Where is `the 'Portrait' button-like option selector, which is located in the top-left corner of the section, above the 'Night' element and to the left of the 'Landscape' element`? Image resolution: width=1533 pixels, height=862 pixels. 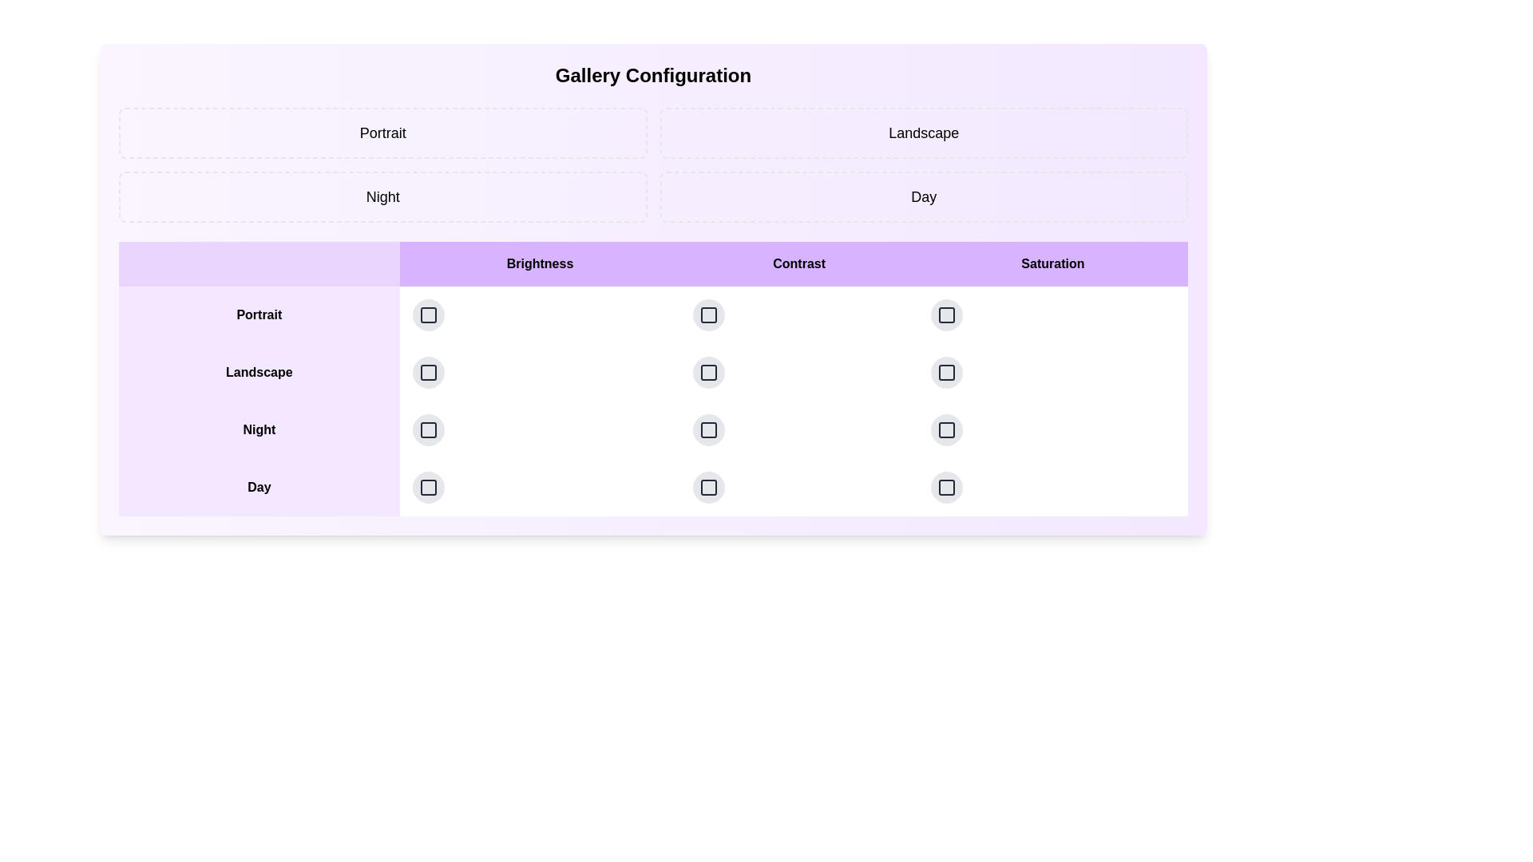
the 'Portrait' button-like option selector, which is located in the top-left corner of the section, above the 'Night' element and to the left of the 'Landscape' element is located at coordinates (382, 132).